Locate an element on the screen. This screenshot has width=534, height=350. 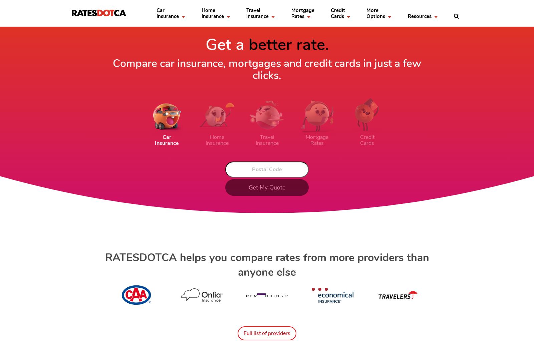
'Get My Quote' is located at coordinates (248, 187).